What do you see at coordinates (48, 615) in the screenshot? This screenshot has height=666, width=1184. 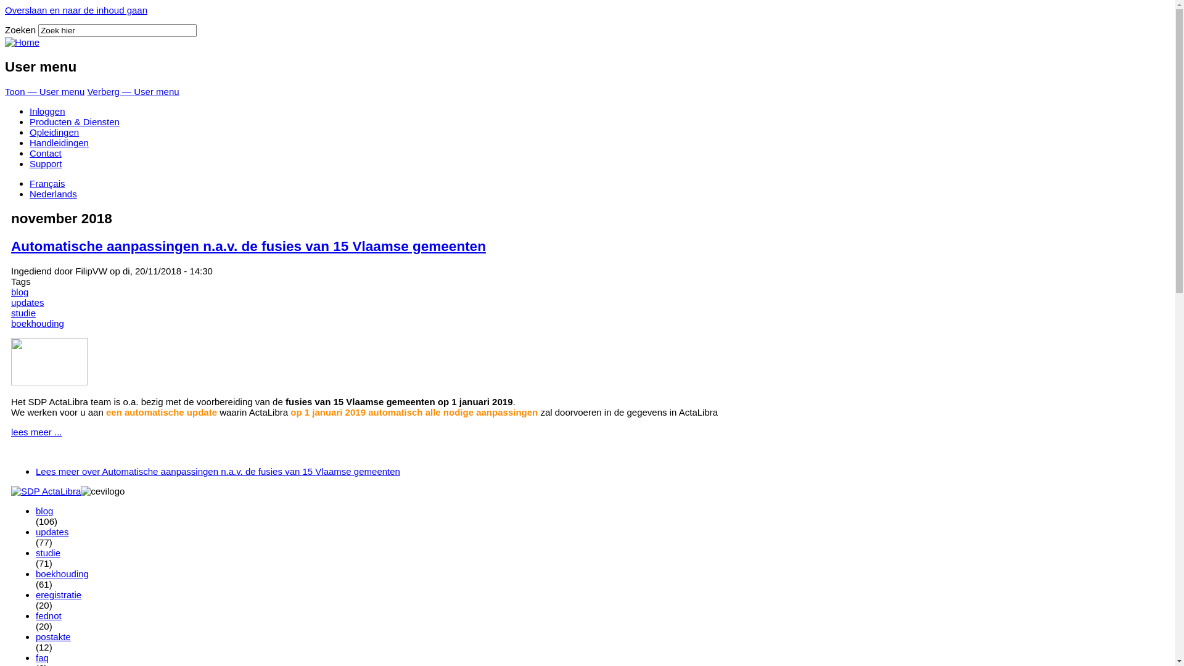 I see `'fednot'` at bounding box center [48, 615].